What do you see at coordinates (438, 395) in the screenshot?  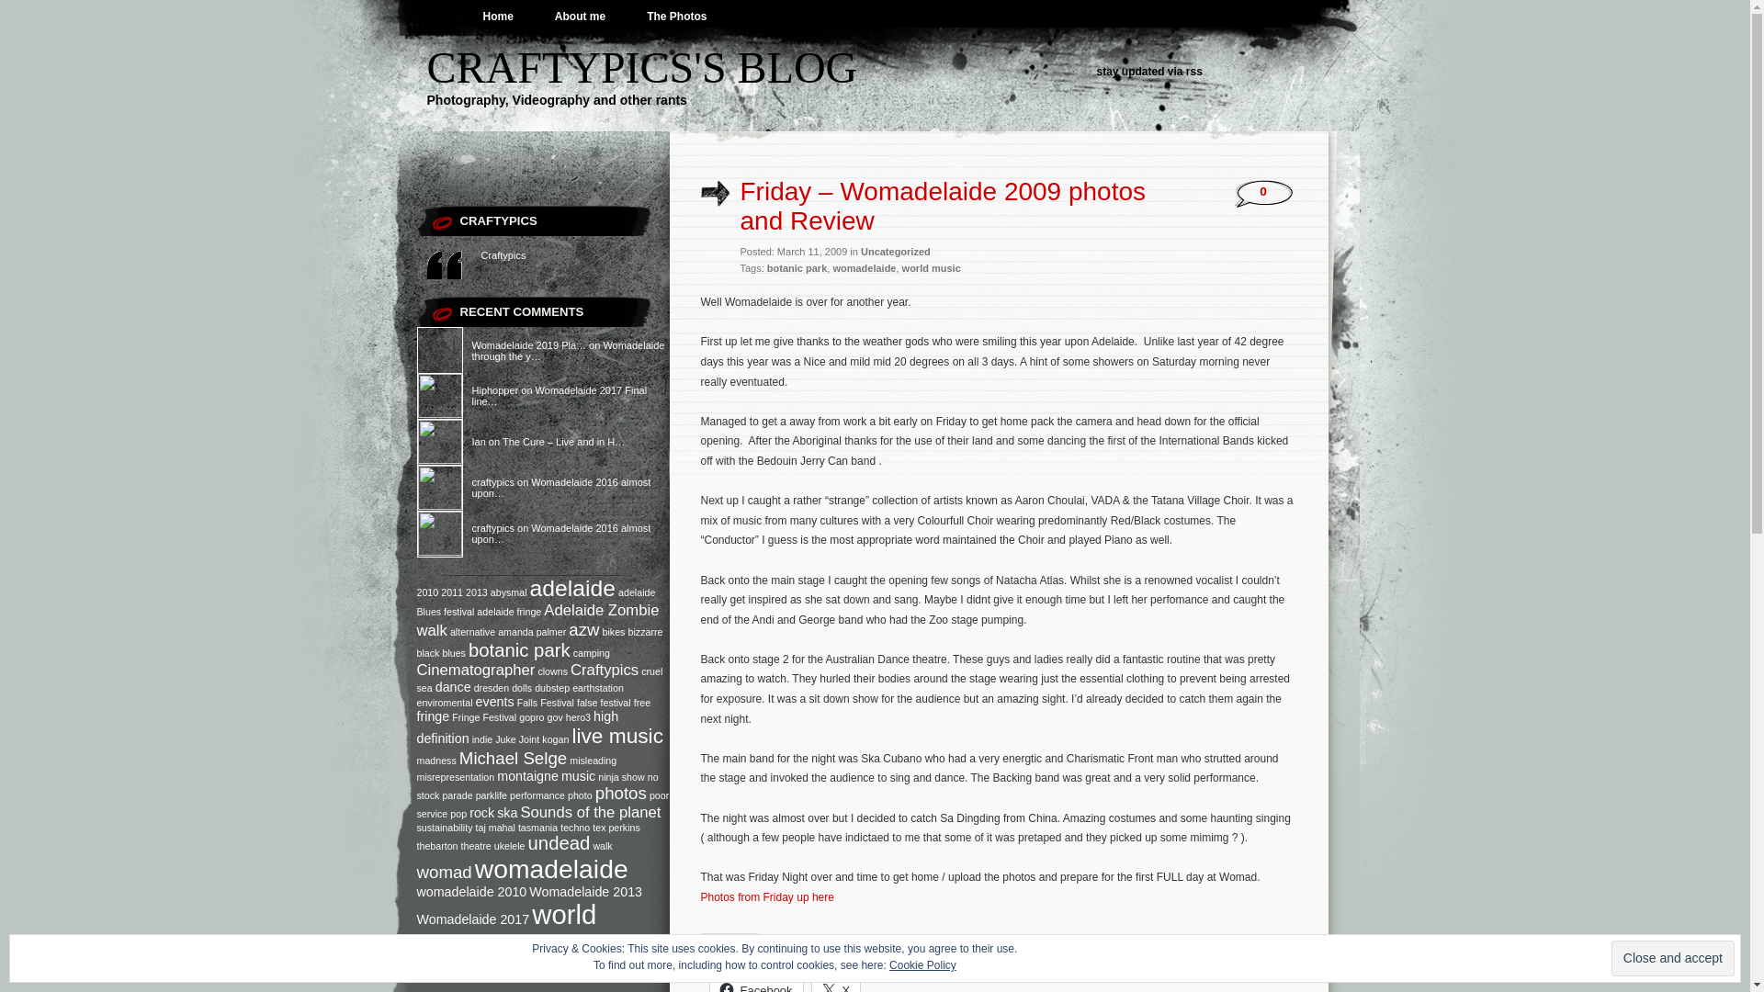 I see `'Hiphopper'` at bounding box center [438, 395].